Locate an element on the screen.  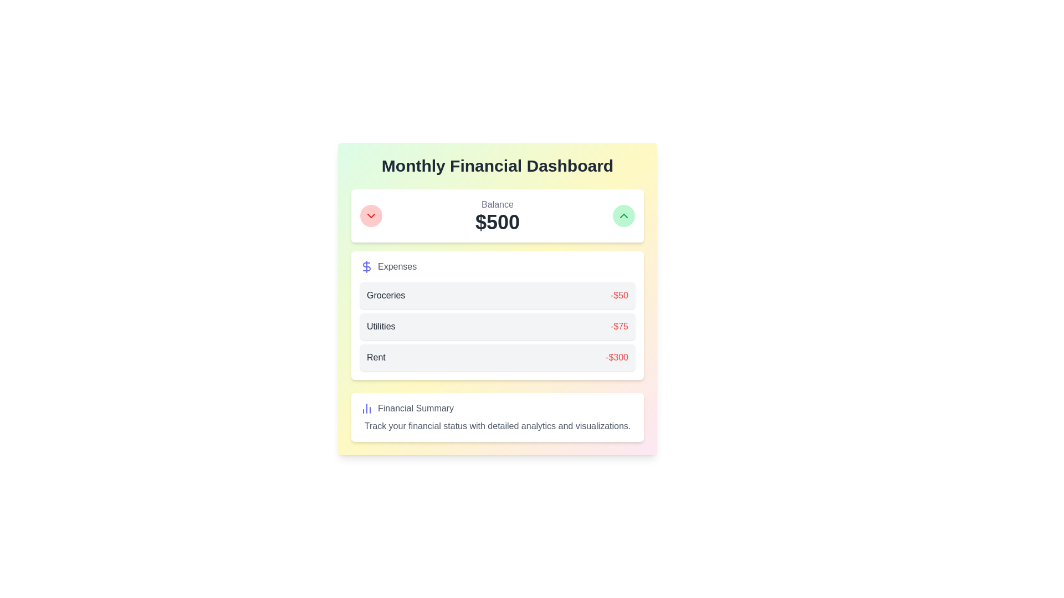
the Static text header of the financial dashboard, which serves as the main title indicating the content's purpose is located at coordinates (497, 166).